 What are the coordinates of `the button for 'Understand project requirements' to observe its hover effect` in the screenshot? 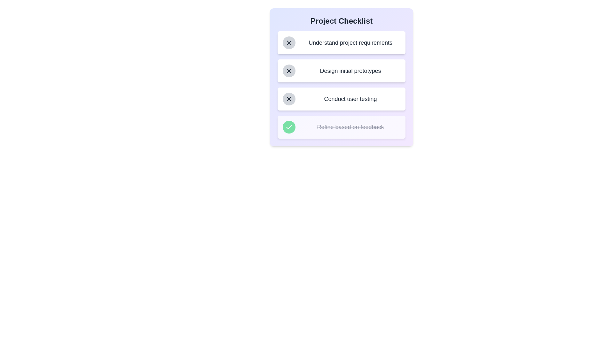 It's located at (288, 43).